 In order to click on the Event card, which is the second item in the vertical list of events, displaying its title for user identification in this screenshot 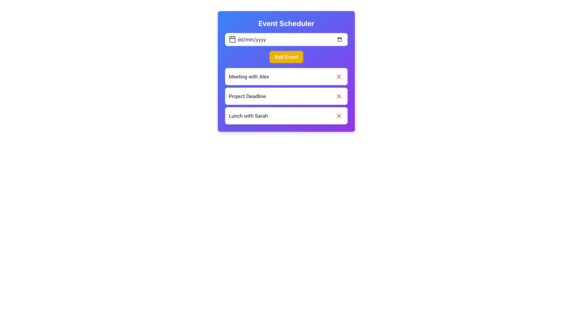, I will do `click(286, 96)`.